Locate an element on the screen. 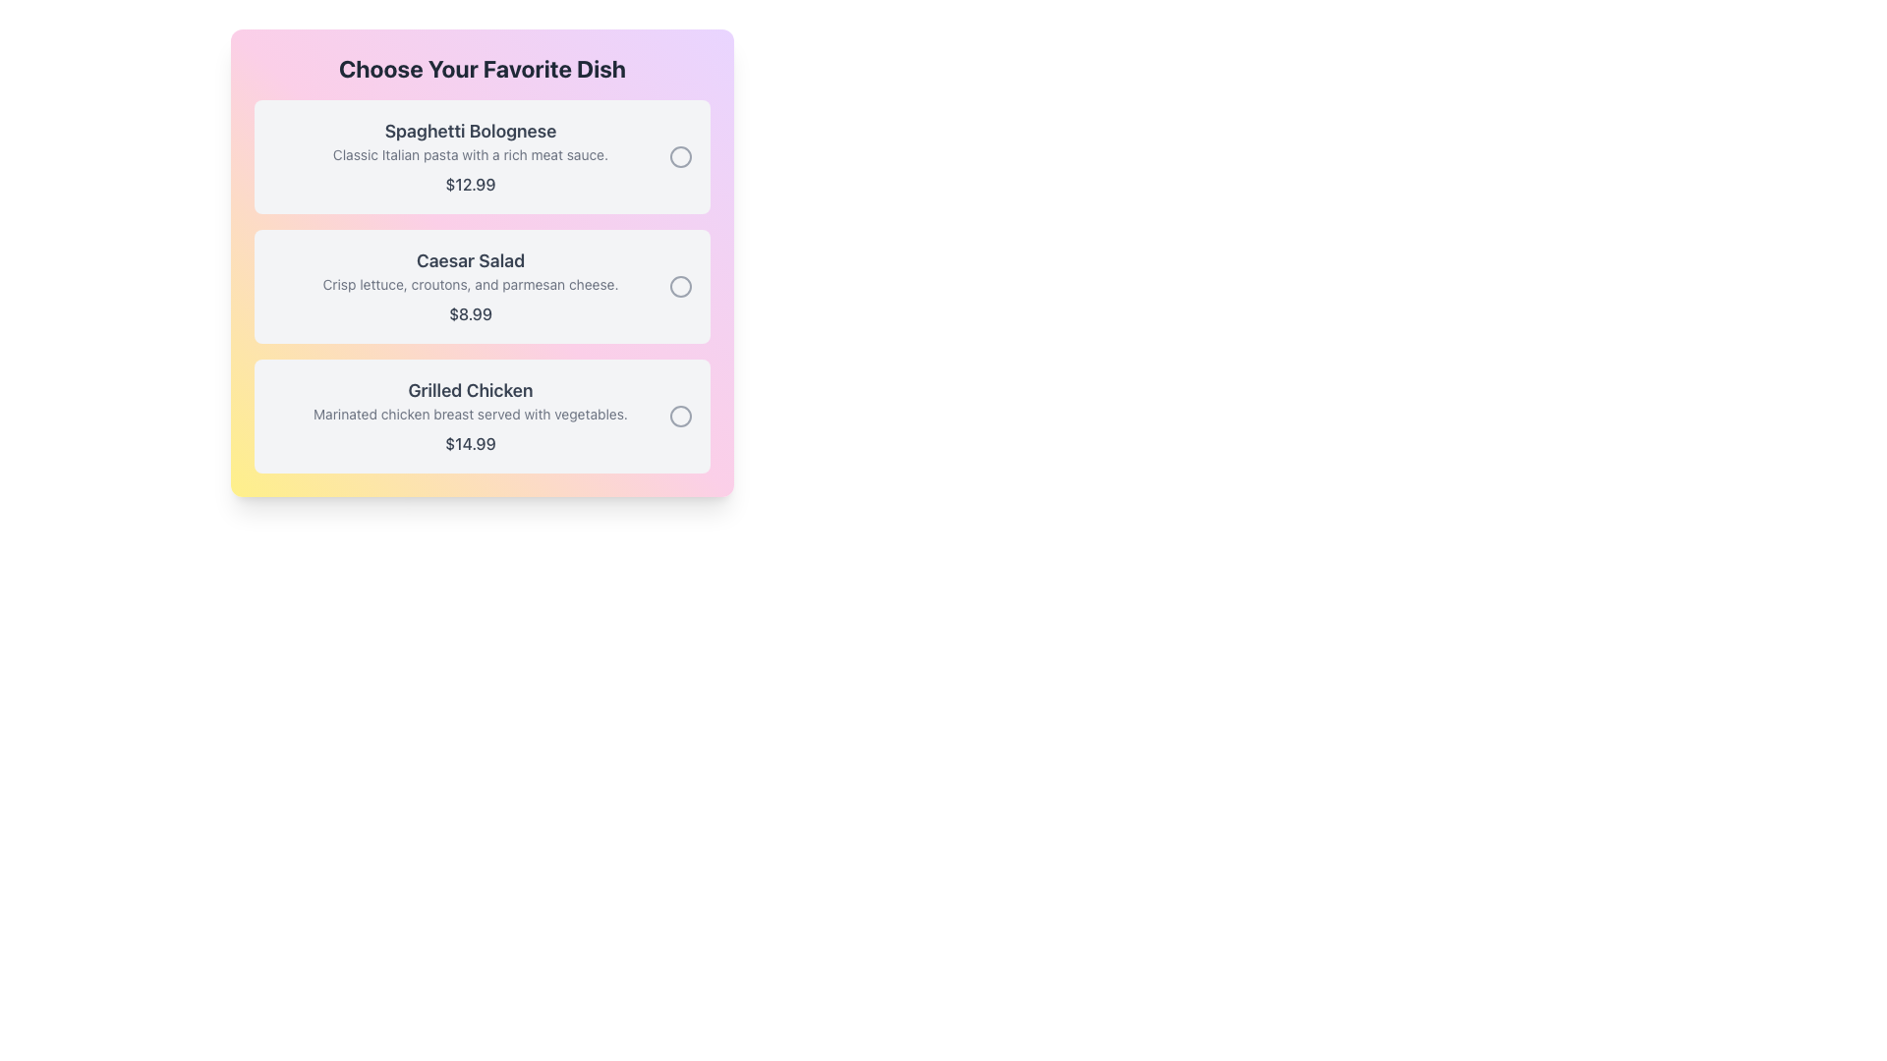 This screenshot has height=1061, width=1887. the radio button for the 'Caesar Salad' option is located at coordinates (680, 287).